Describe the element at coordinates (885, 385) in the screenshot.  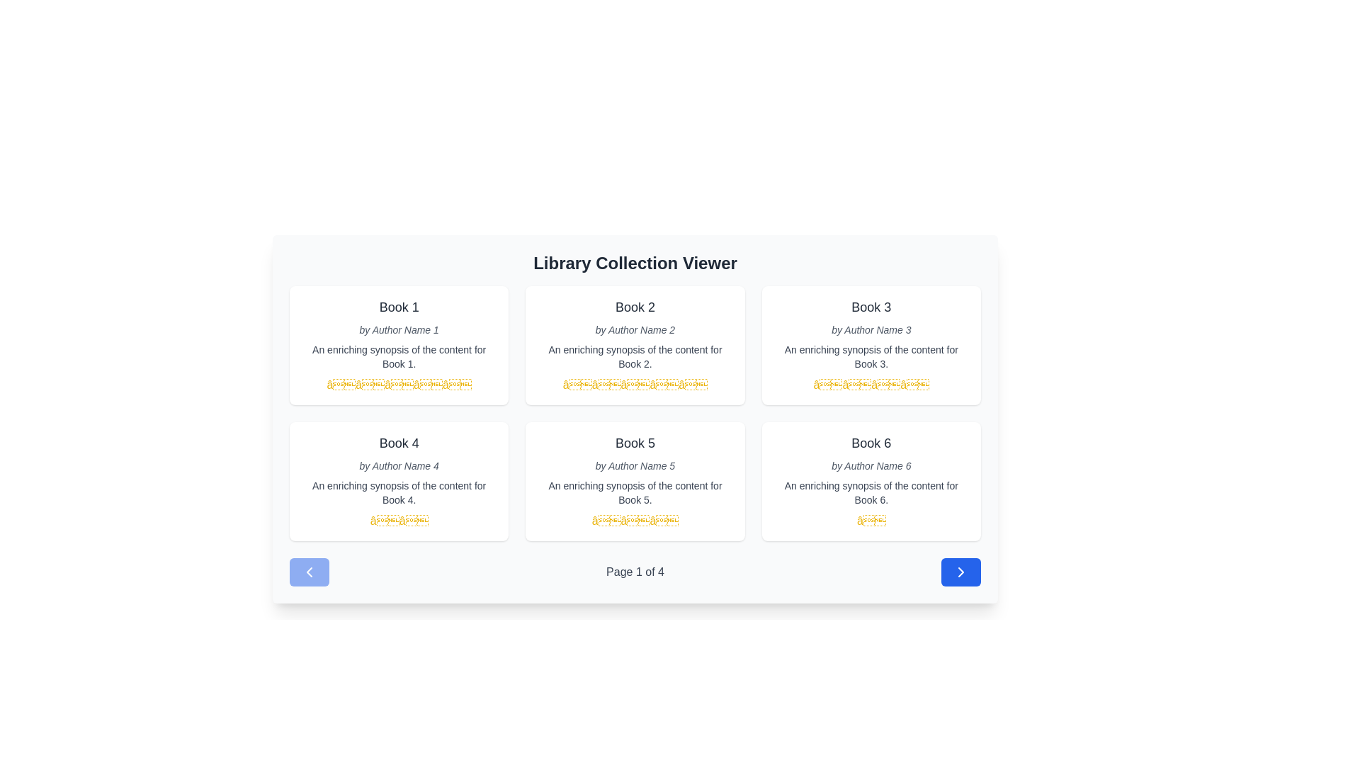
I see `the third star icon in the rating component beneath the 'Book 3' section` at that location.